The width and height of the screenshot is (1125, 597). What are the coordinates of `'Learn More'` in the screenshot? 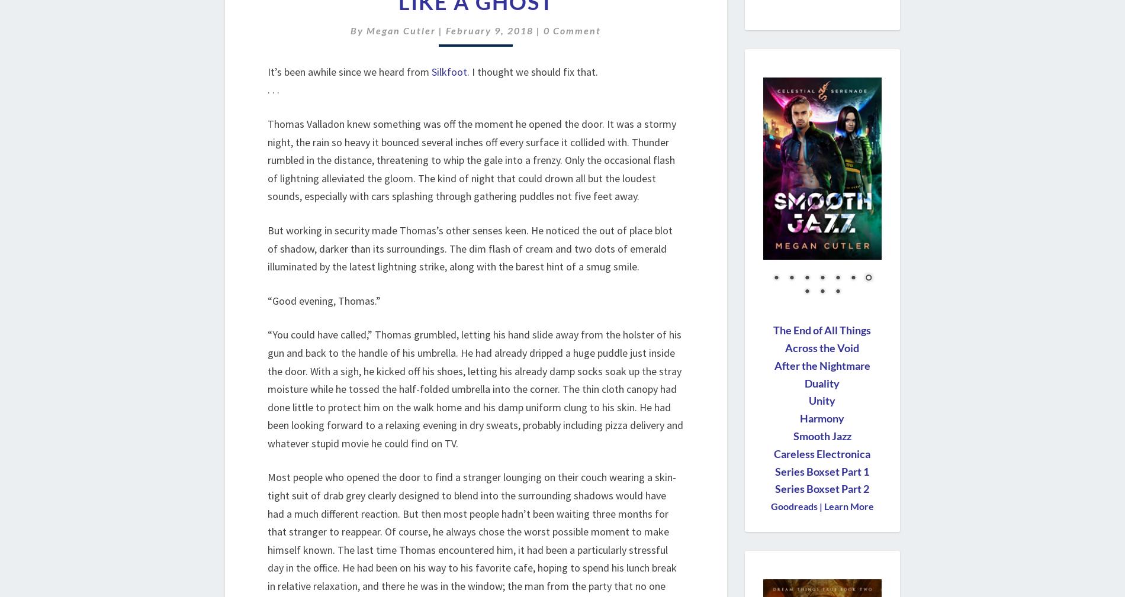 It's located at (847, 506).